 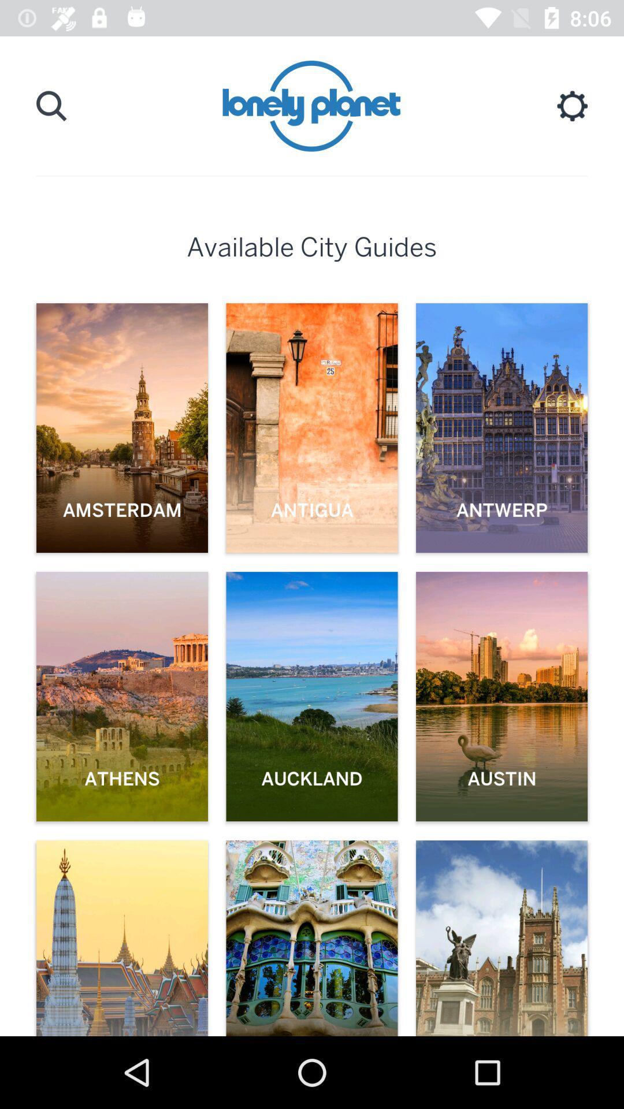 I want to click on the setting, so click(x=572, y=106).